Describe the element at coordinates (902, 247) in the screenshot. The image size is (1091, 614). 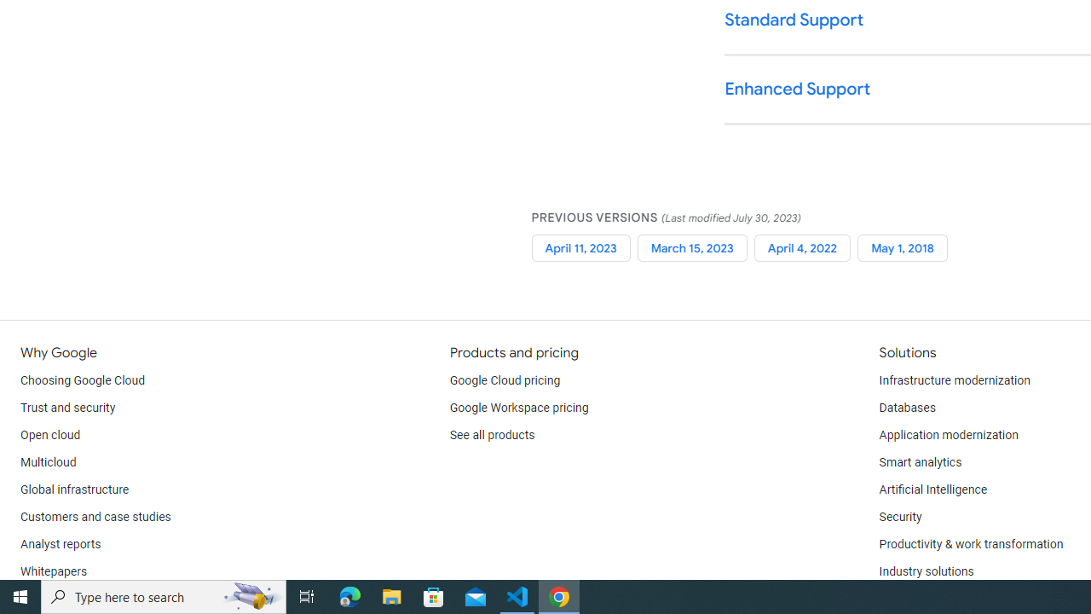
I see `'May 1, 2018'` at that location.